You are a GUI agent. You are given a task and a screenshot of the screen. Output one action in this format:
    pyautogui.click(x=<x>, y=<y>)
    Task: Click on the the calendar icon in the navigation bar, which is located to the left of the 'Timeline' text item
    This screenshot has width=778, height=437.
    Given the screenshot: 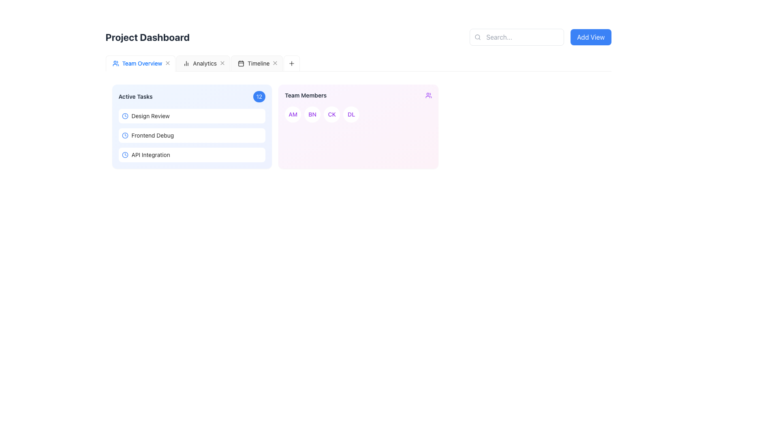 What is the action you would take?
    pyautogui.click(x=241, y=63)
    